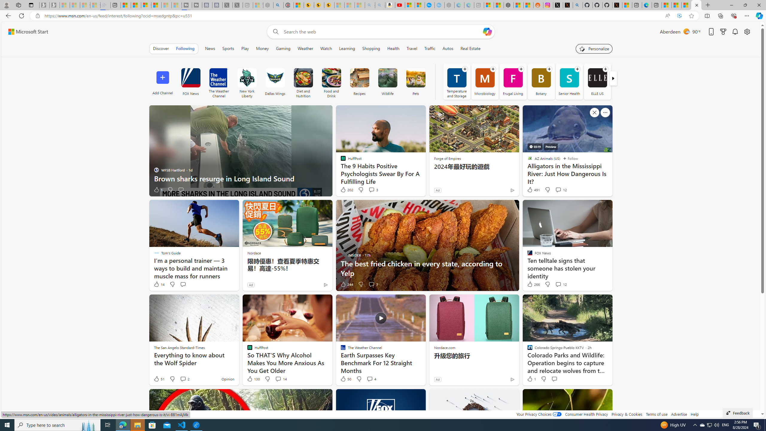 This screenshot has width=766, height=431. Describe the element at coordinates (444, 347) in the screenshot. I see `'Nordace.com'` at that location.